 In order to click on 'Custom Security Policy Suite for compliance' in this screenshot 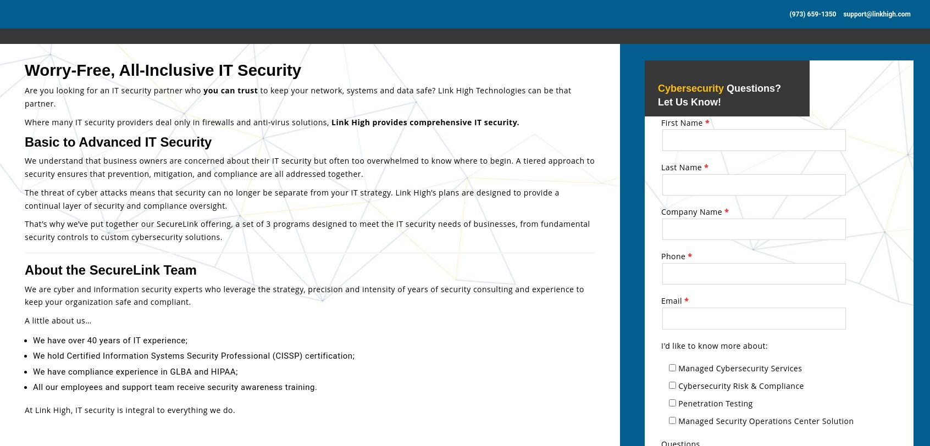, I will do `click(789, 423)`.